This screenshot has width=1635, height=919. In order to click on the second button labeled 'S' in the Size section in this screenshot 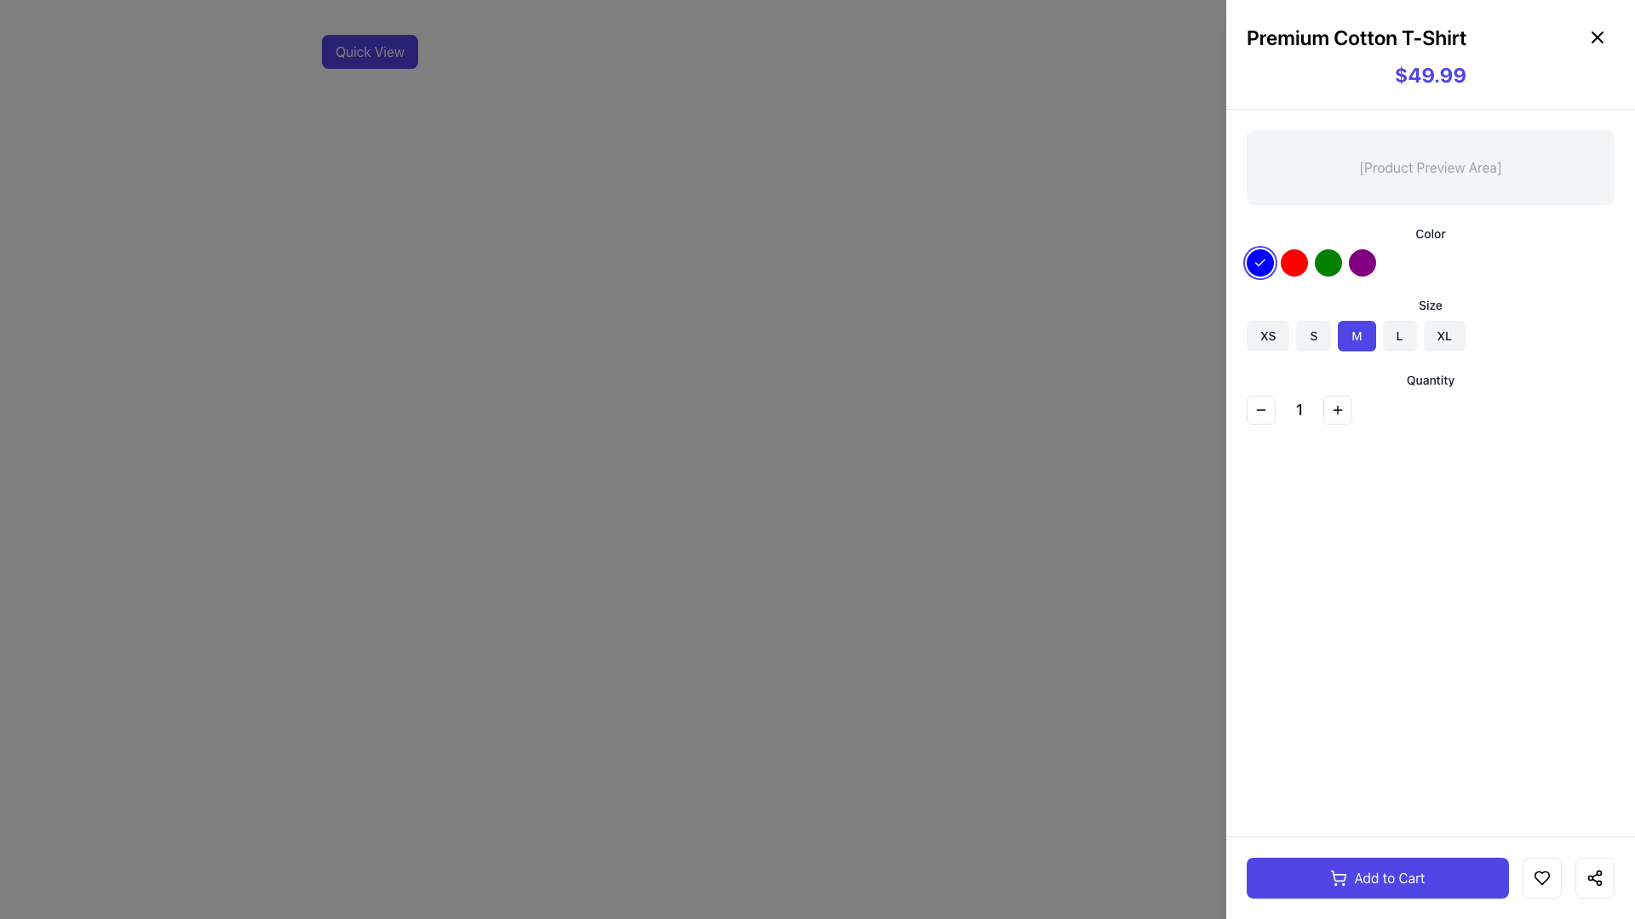, I will do `click(1312, 335)`.